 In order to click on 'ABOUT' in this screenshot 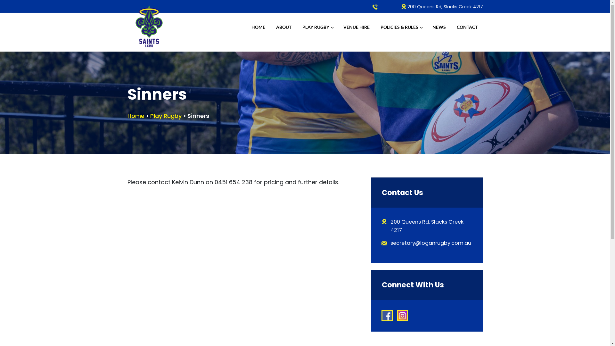, I will do `click(270, 27)`.